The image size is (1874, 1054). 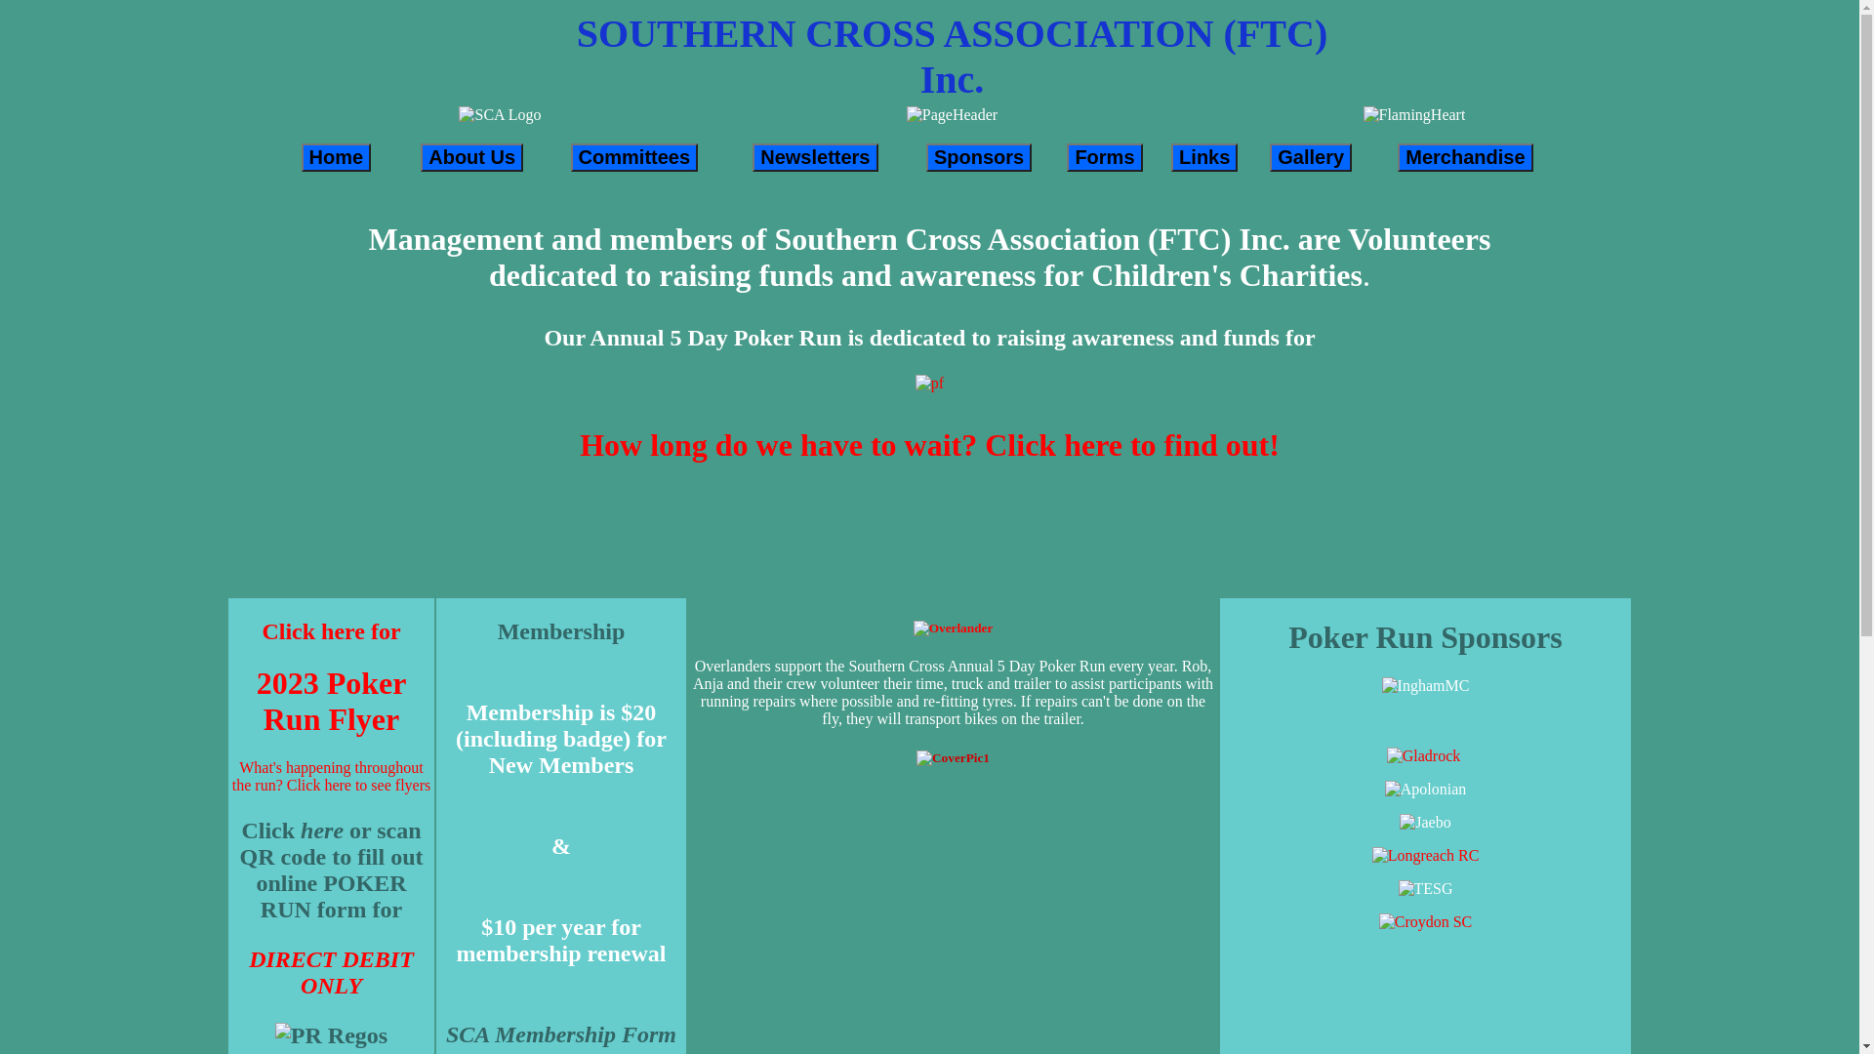 What do you see at coordinates (1465, 155) in the screenshot?
I see `'Merchandise'` at bounding box center [1465, 155].